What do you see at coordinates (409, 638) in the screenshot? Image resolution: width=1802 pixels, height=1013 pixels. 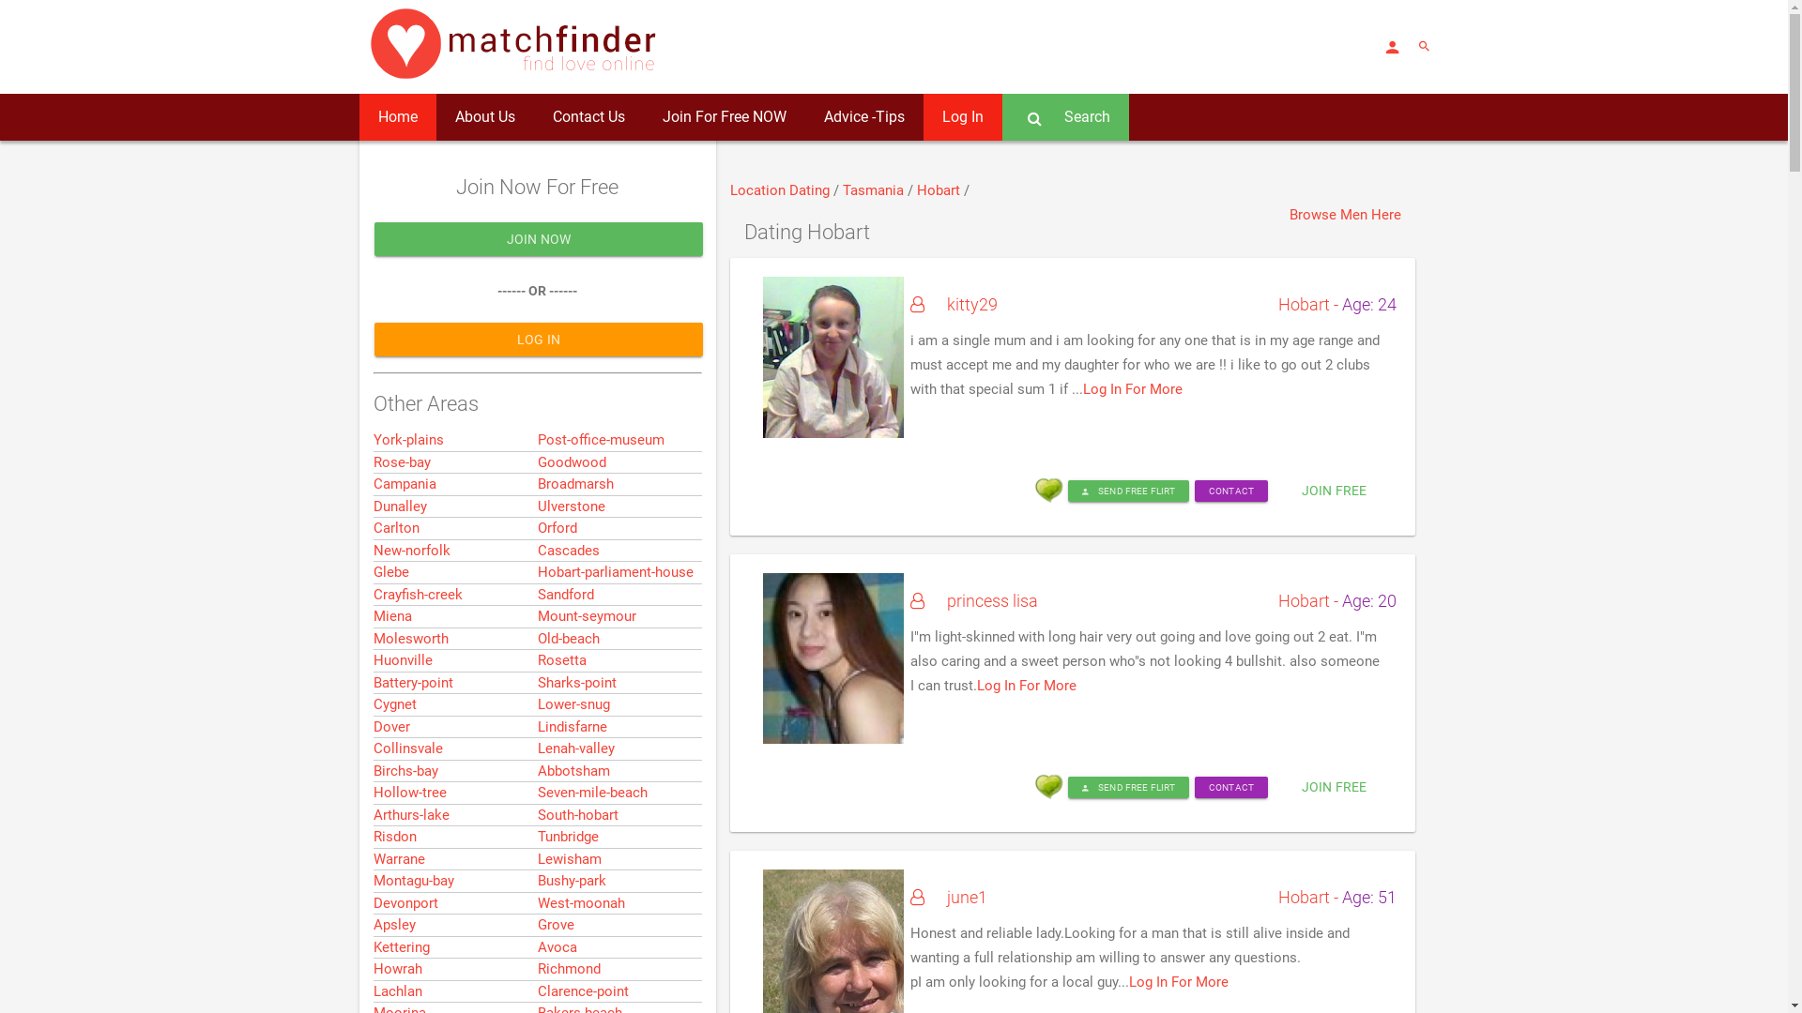 I see `'Molesworth'` at bounding box center [409, 638].